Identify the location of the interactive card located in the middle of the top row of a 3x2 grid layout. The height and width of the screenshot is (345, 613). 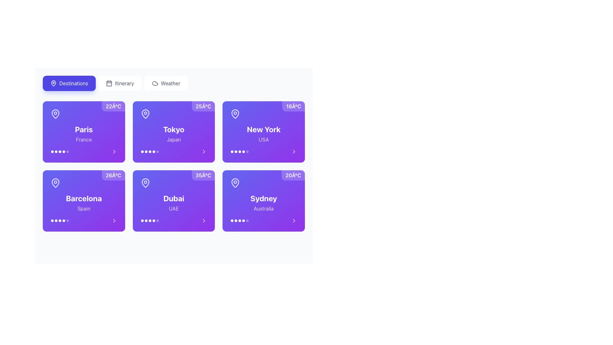
(264, 131).